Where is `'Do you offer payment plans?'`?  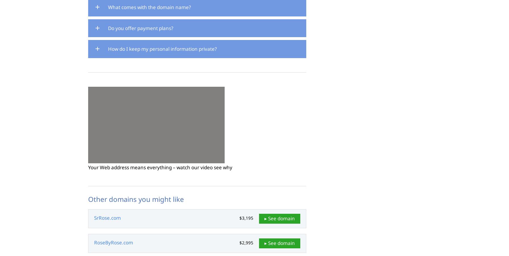
'Do you offer payment plans?' is located at coordinates (140, 28).